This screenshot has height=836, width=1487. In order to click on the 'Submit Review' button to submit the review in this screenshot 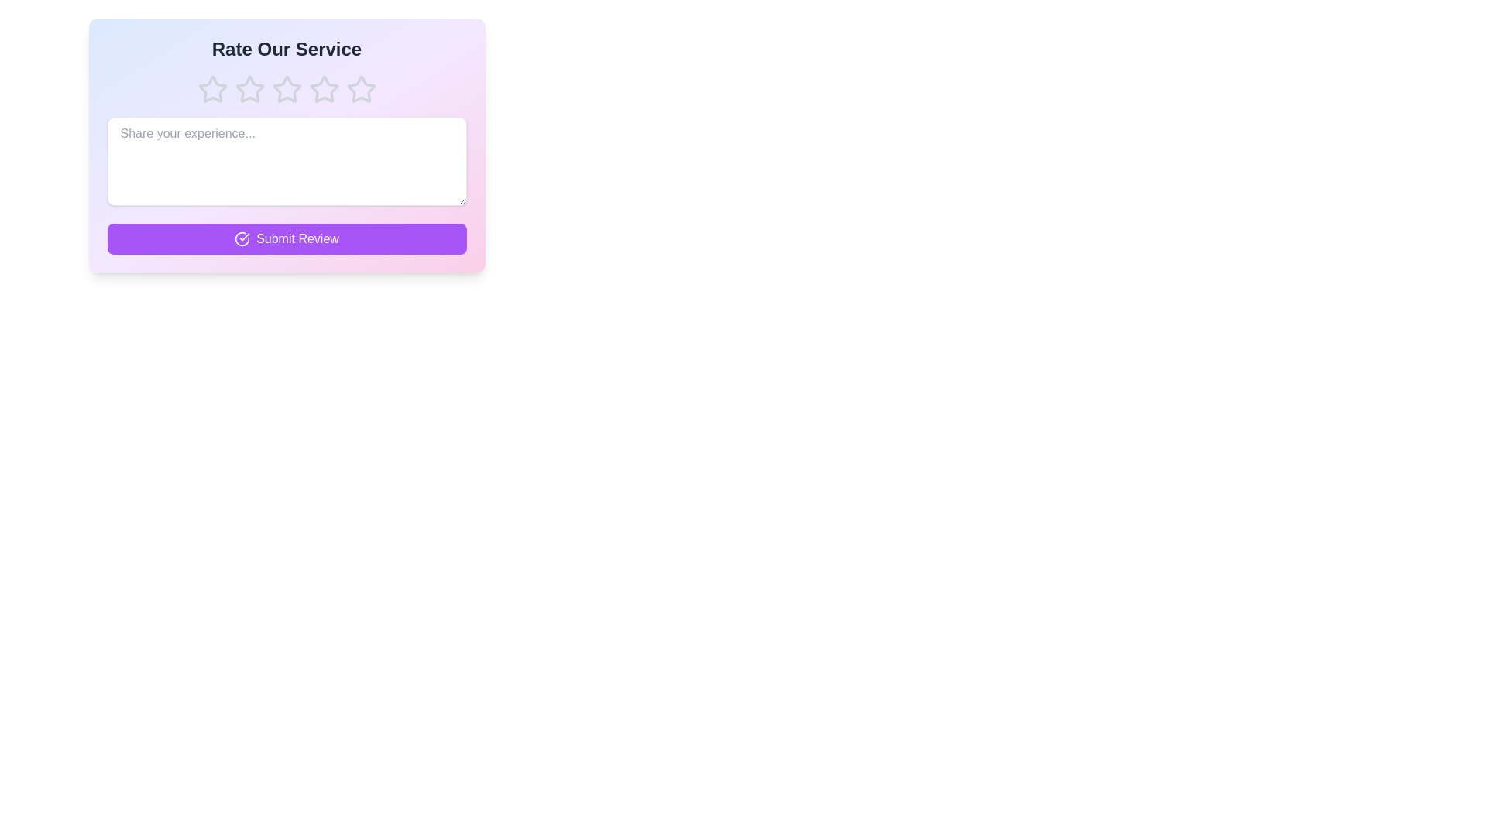, I will do `click(287, 238)`.